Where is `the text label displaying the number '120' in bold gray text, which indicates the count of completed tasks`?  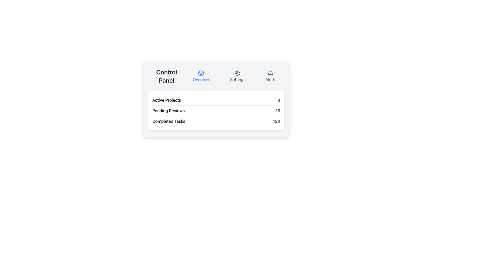
the text label displaying the number '120' in bold gray text, which indicates the count of completed tasks is located at coordinates (276, 121).